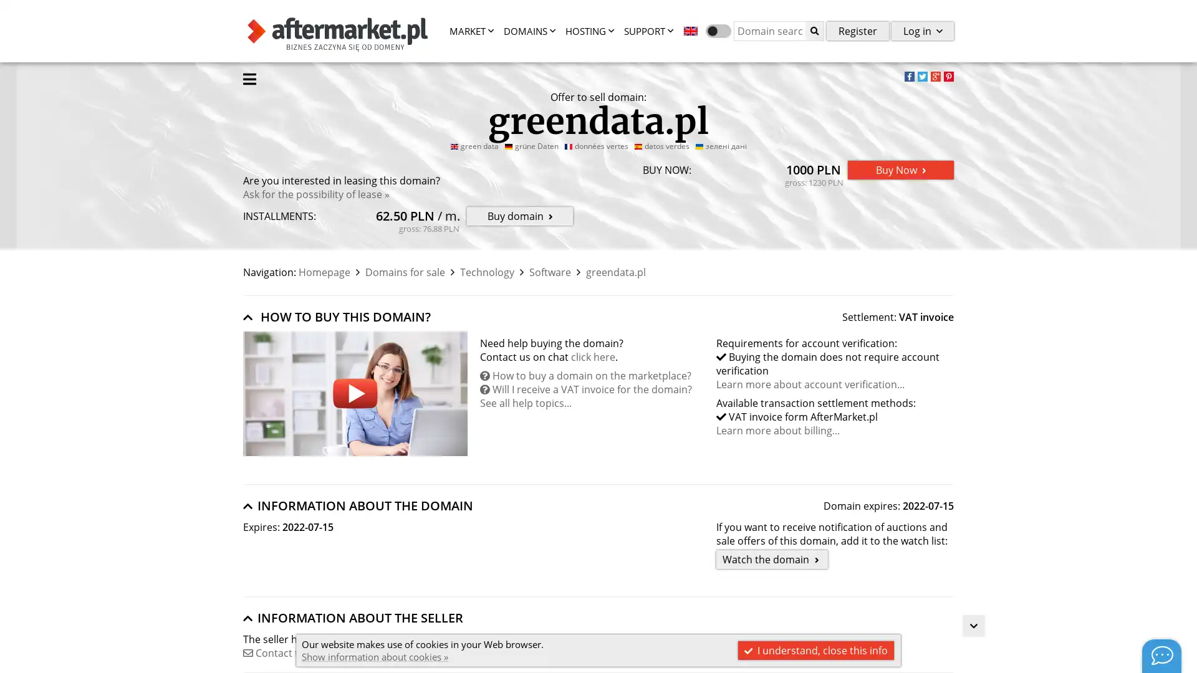 The image size is (1197, 673). What do you see at coordinates (816, 650) in the screenshot?
I see `I understand, close this info` at bounding box center [816, 650].